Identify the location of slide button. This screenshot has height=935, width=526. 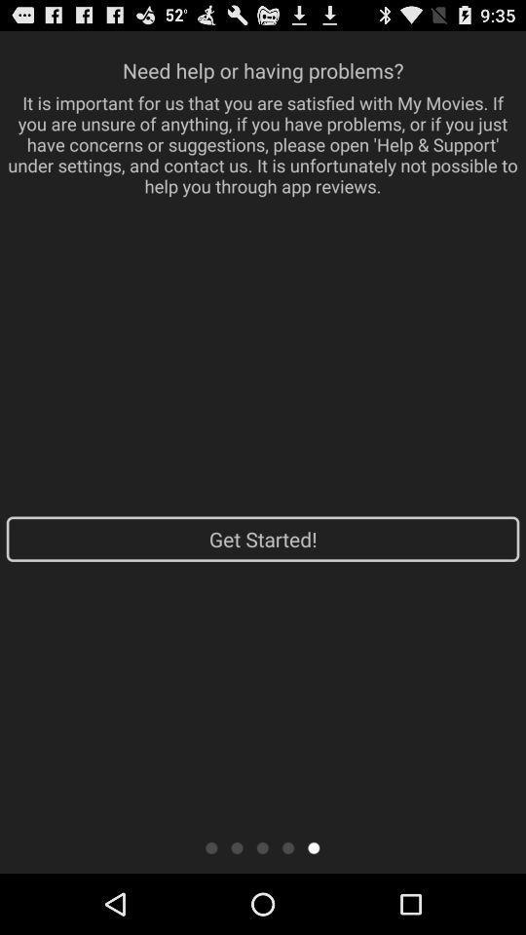
(314, 846).